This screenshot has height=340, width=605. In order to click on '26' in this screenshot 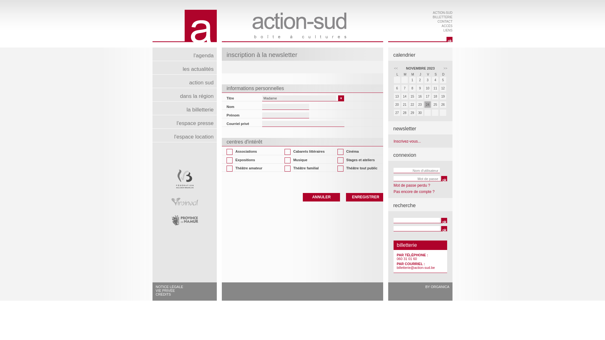, I will do `click(443, 105)`.